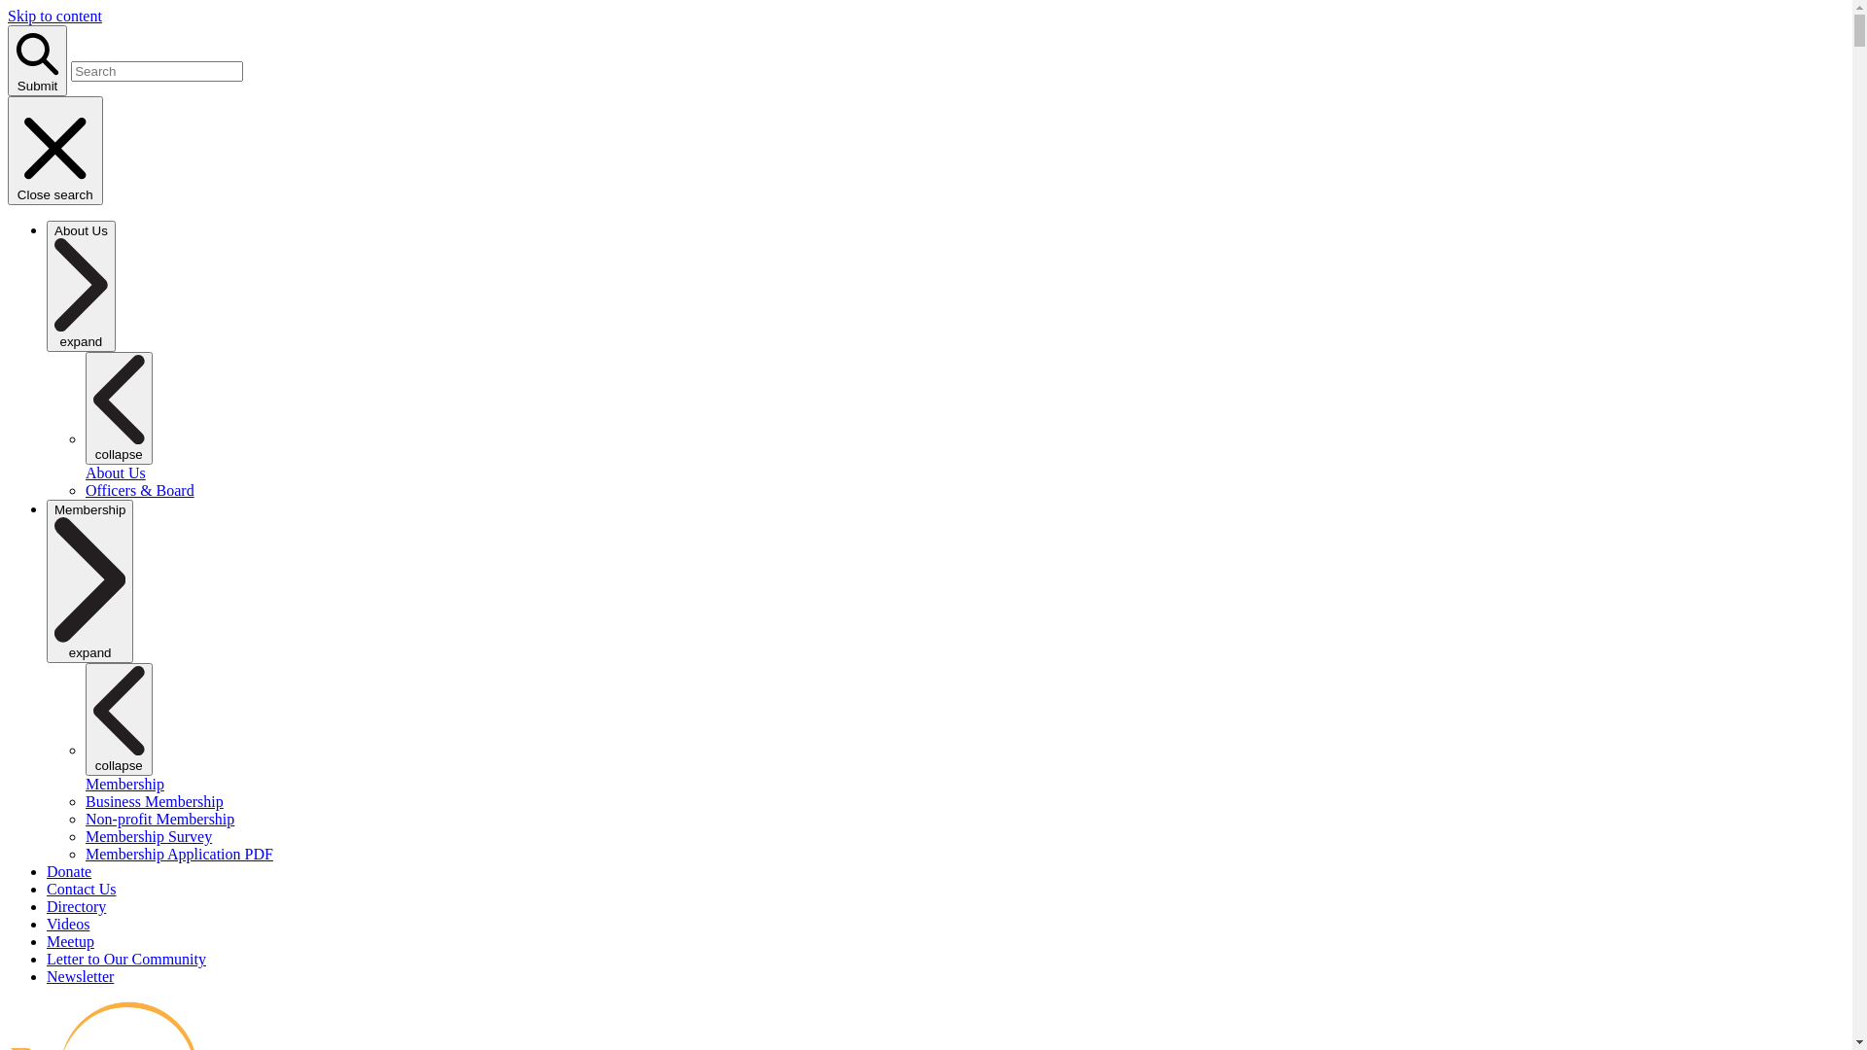 Image resolution: width=1867 pixels, height=1050 pixels. Describe the element at coordinates (76, 906) in the screenshot. I see `'Directory'` at that location.